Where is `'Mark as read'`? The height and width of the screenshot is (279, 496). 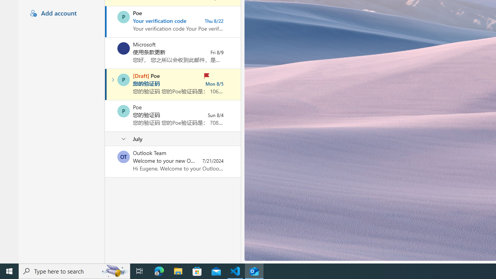
'Mark as read' is located at coordinates (105, 84).